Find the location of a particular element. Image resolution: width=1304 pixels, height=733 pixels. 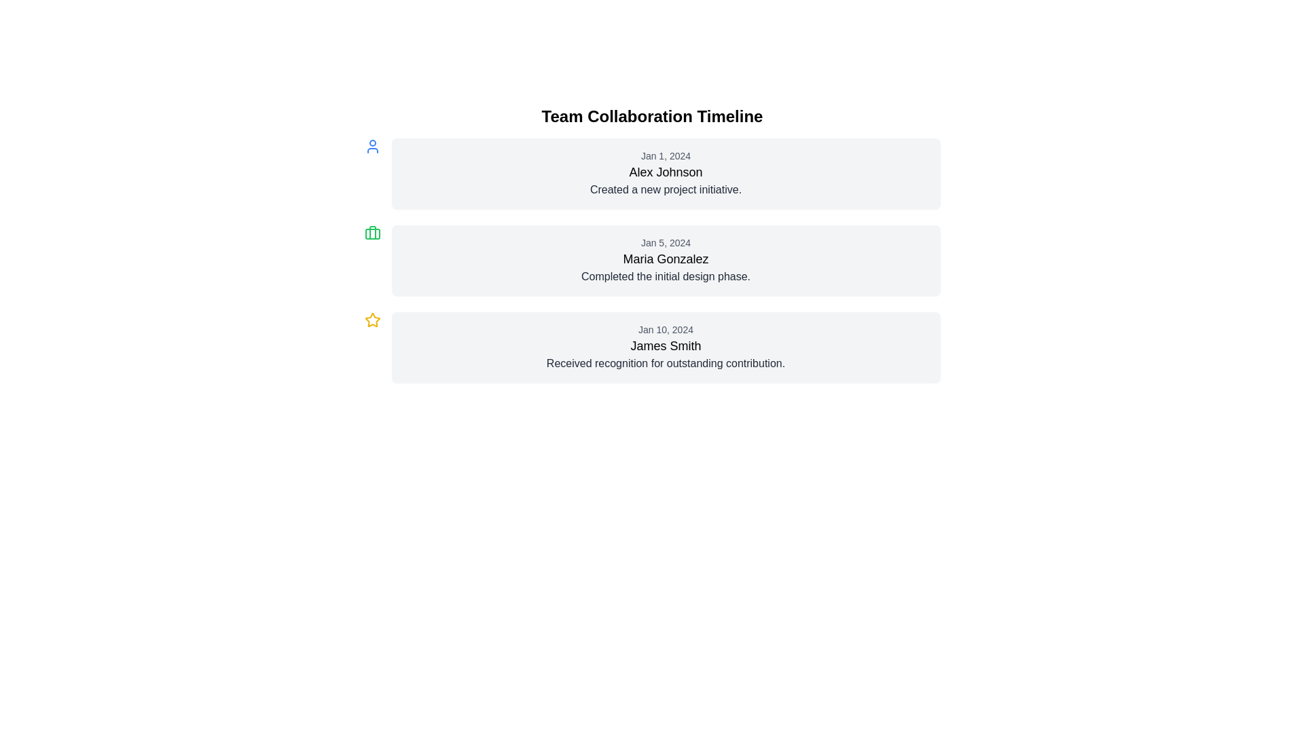

the first icon in the timeline, which serves as a visual identifier for the user or action associated with it is located at coordinates (372, 147).